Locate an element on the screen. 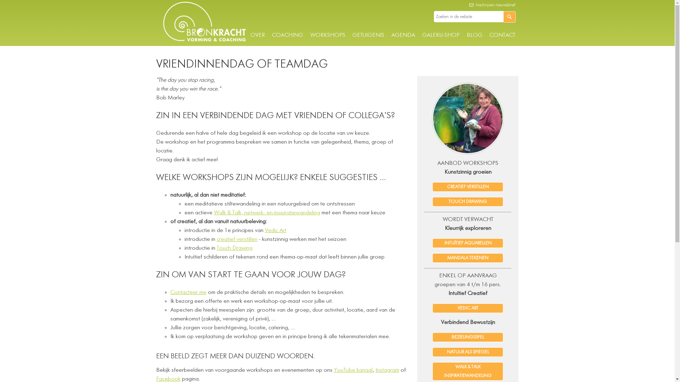  'BLOG' is located at coordinates (474, 35).